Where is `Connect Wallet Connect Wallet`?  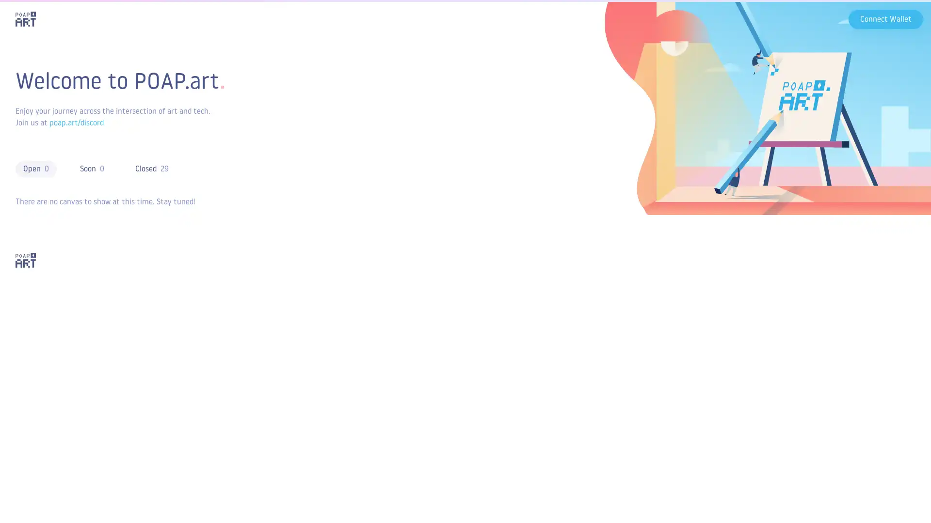 Connect Wallet Connect Wallet is located at coordinates (886, 18).